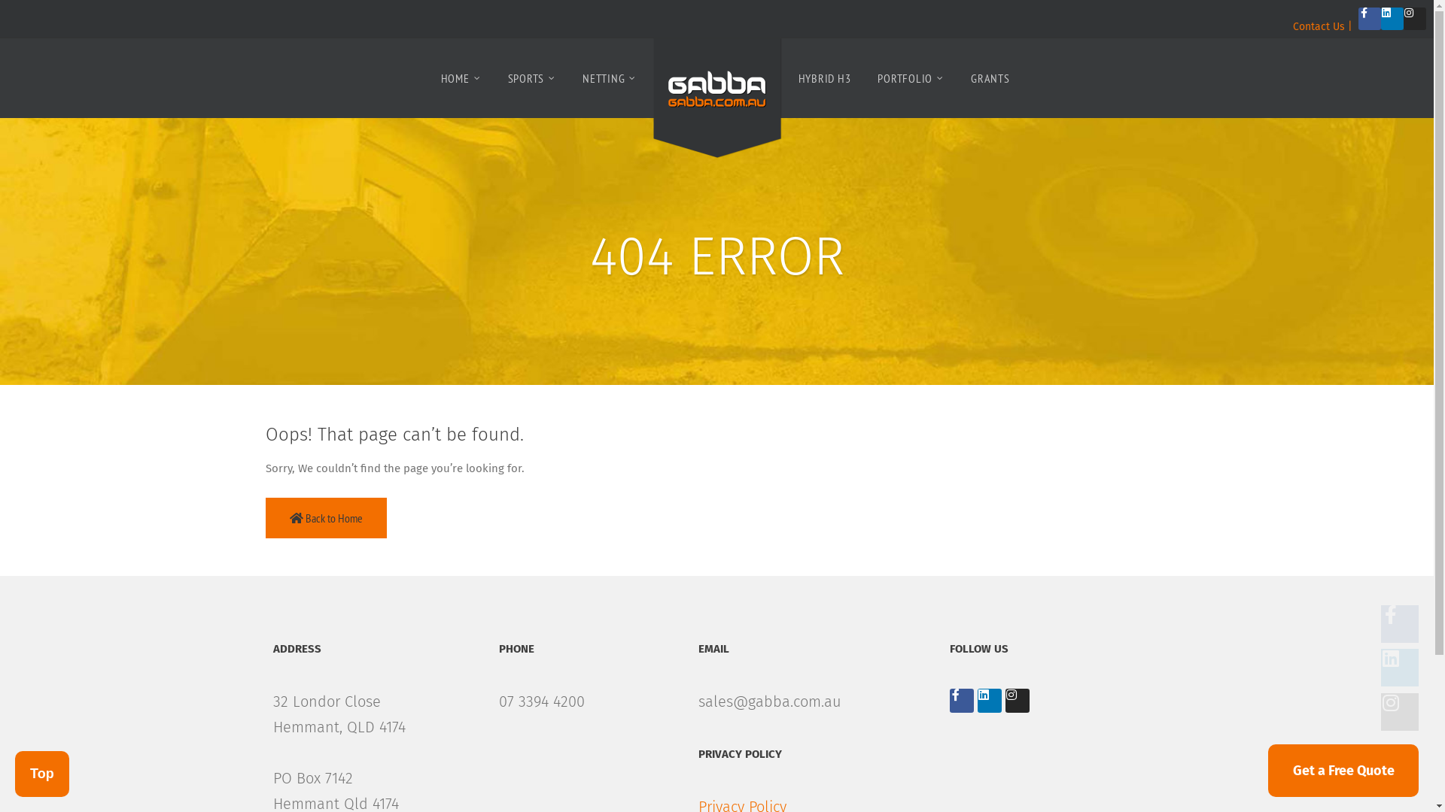  What do you see at coordinates (990, 78) in the screenshot?
I see `'GRANTS'` at bounding box center [990, 78].